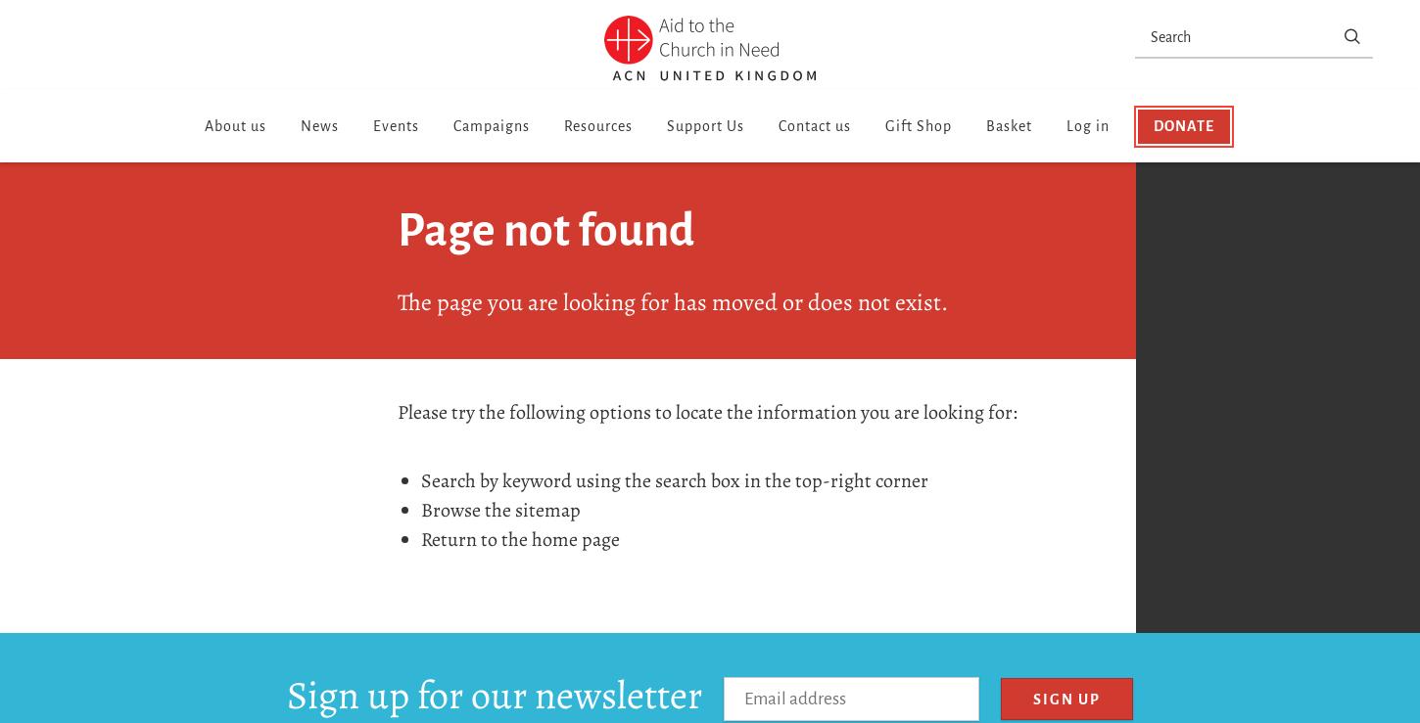 Image resolution: width=1420 pixels, height=723 pixels. What do you see at coordinates (515, 510) in the screenshot?
I see `'sitemap'` at bounding box center [515, 510].